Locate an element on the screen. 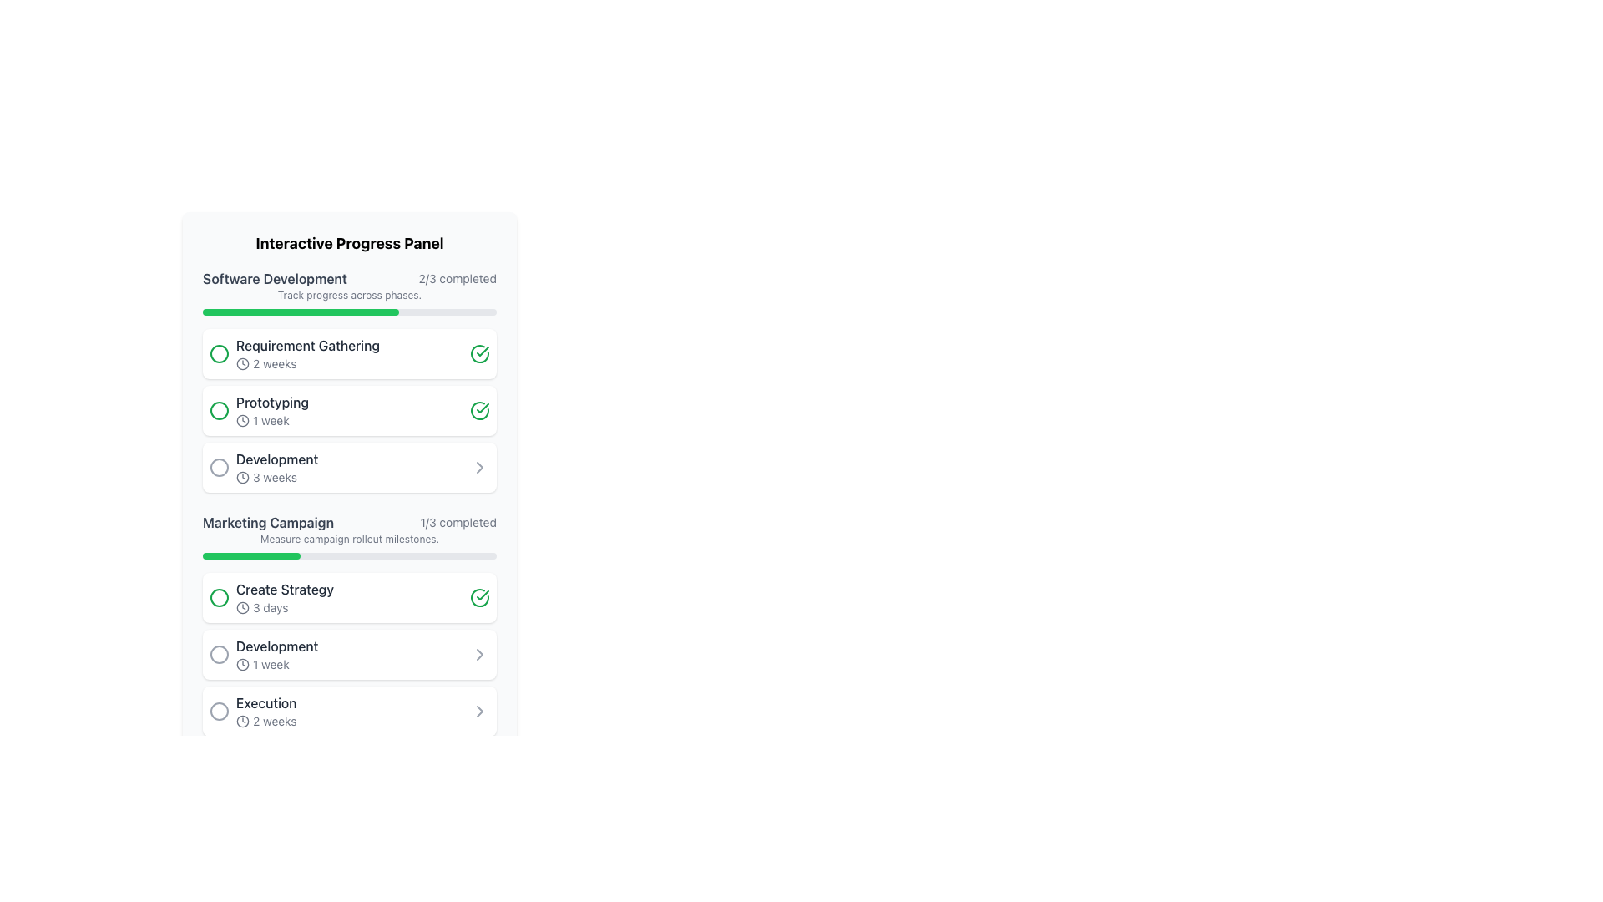 This screenshot has height=902, width=1603. completion indication from the Checkmark icon located in the 'Prototyping' step of the progress panel, which signifies that the task has been accomplished is located at coordinates (479, 411).